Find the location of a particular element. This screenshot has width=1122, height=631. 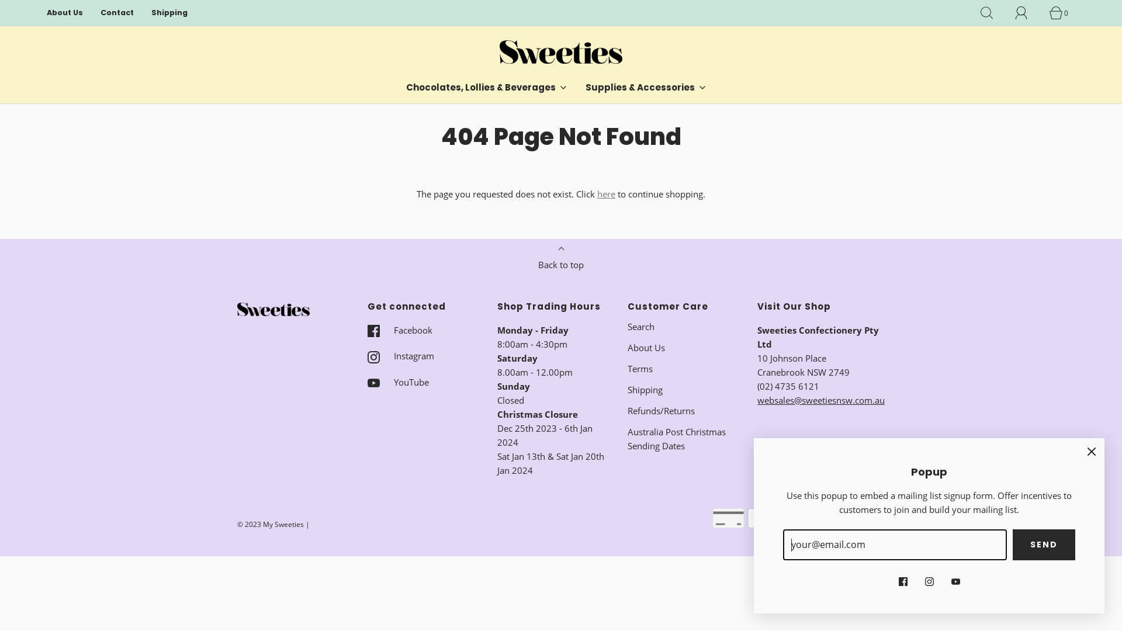

'Log in' is located at coordinates (1014, 13).